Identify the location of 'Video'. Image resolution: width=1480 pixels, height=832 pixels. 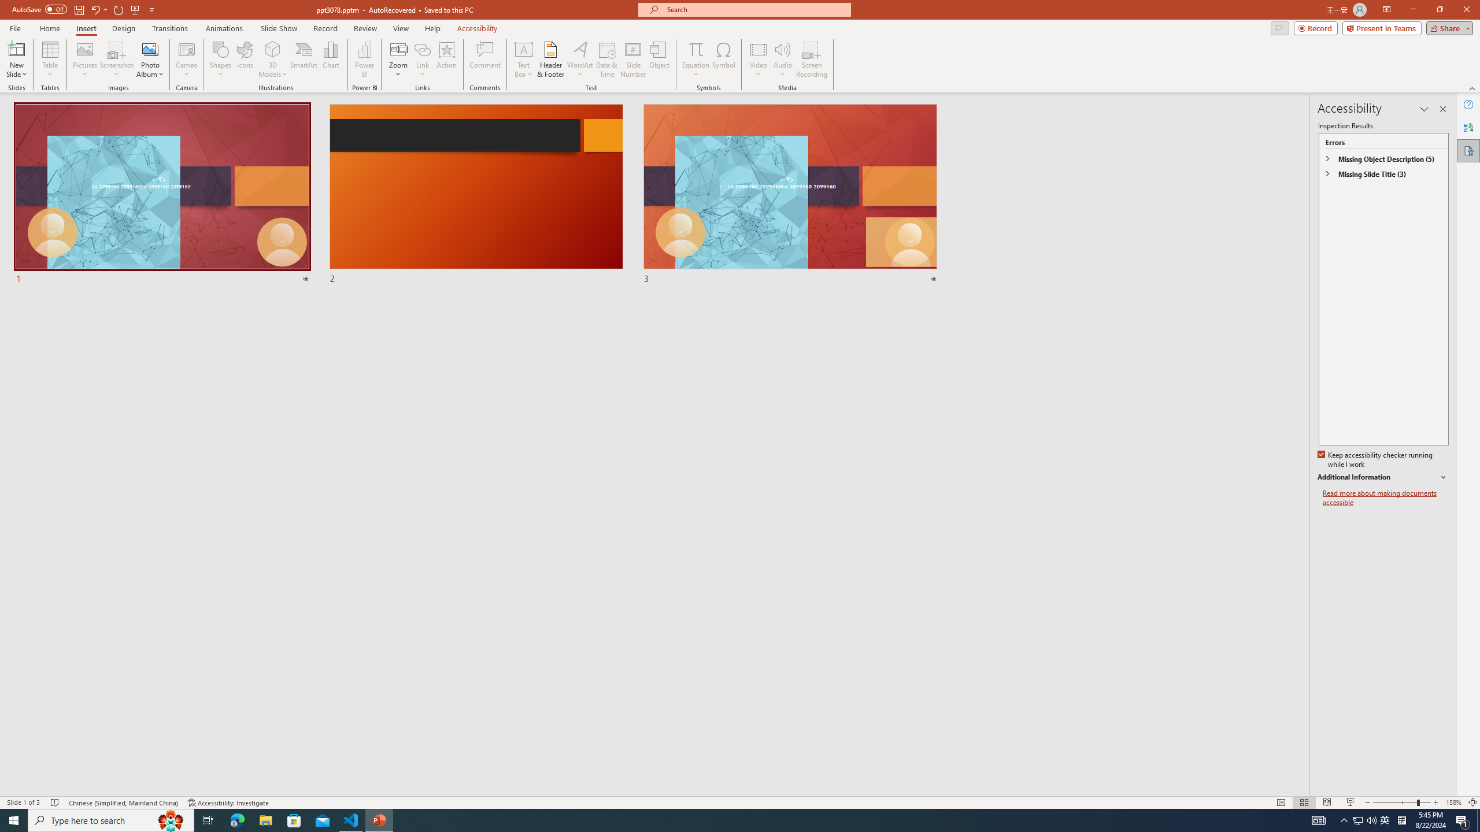
(758, 60).